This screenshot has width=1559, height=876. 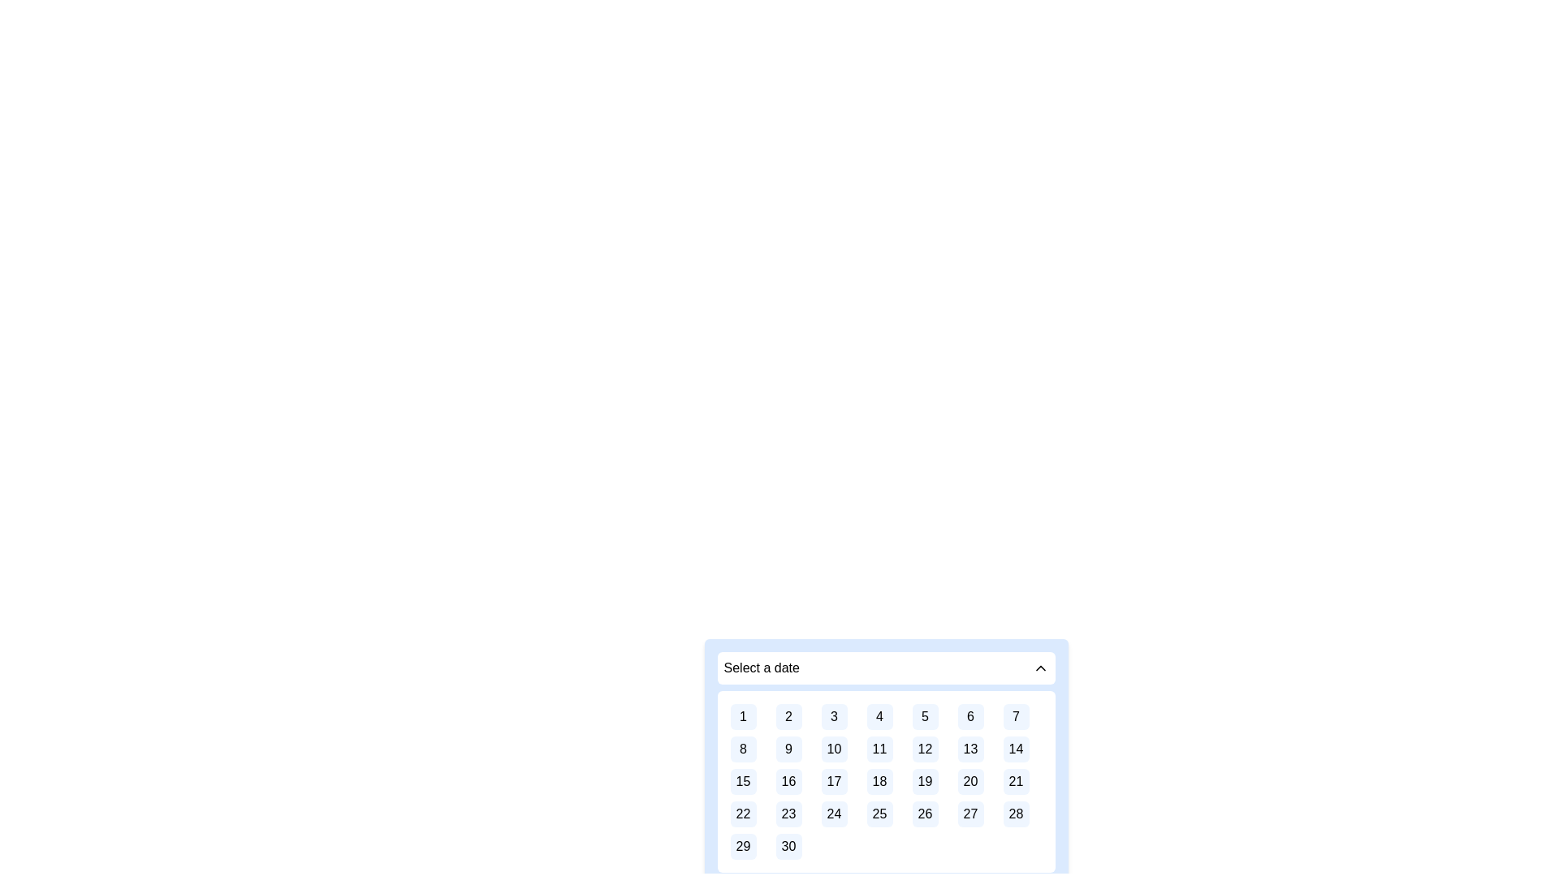 I want to click on the selectable date button '23' in the calendar interface, so click(x=788, y=814).